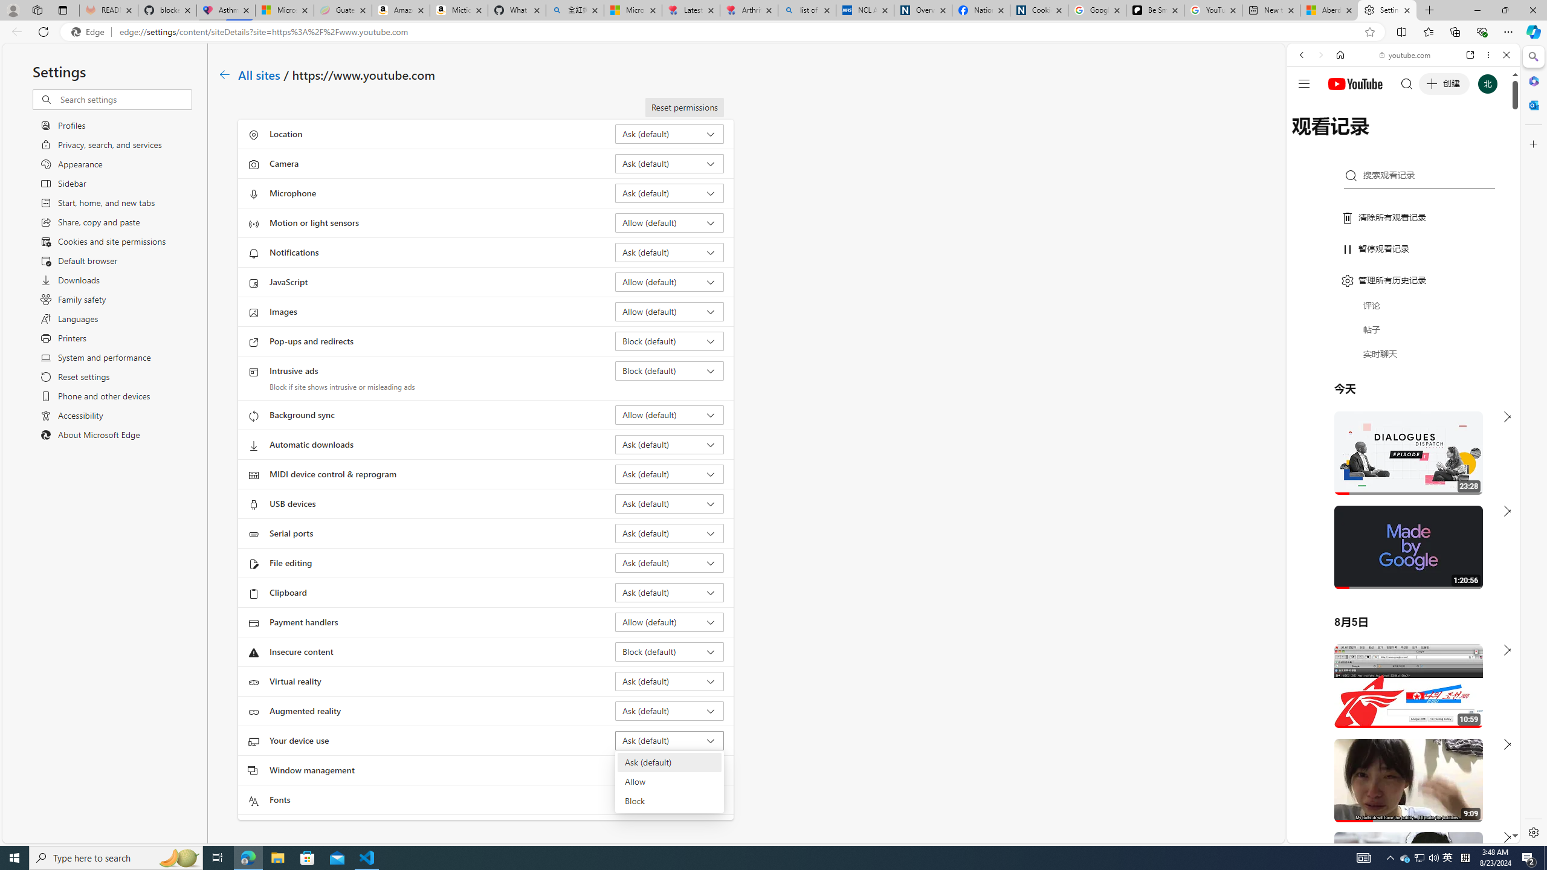  I want to click on 'US[ju]', so click(1327, 833).